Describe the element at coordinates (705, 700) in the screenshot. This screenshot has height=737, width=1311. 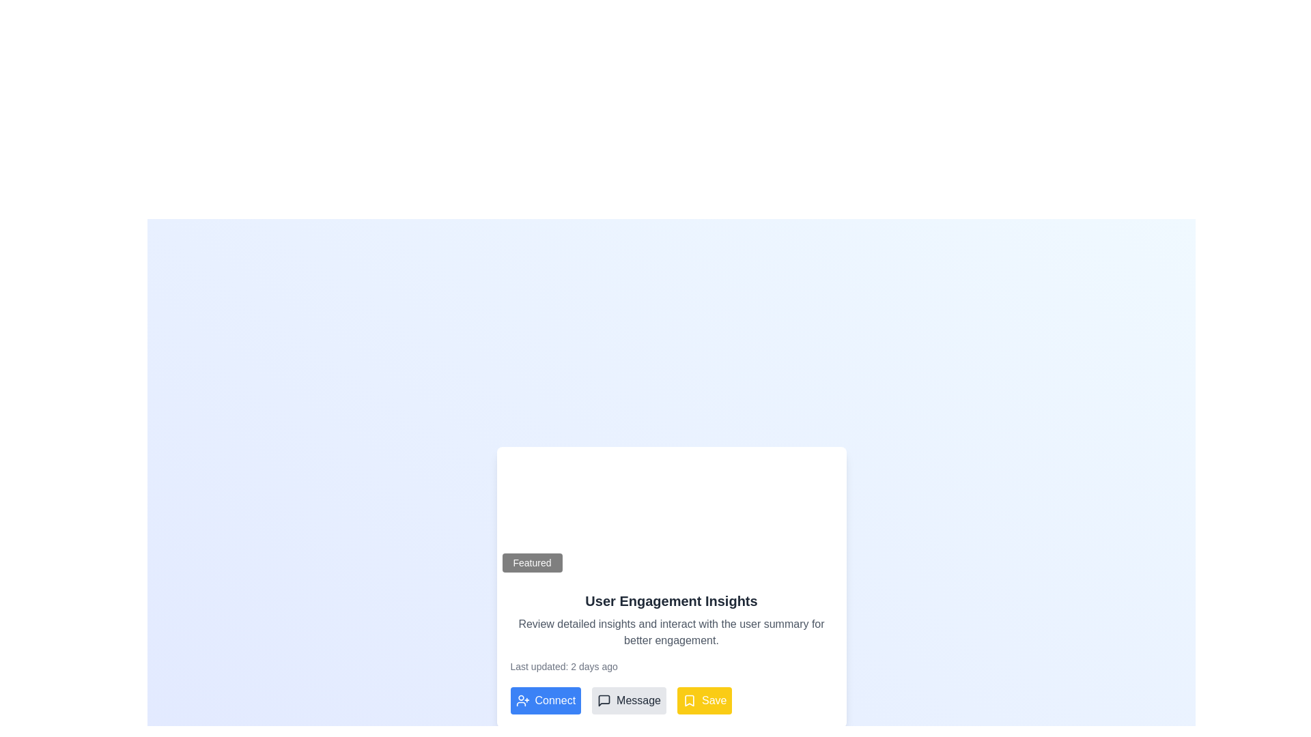
I see `the 'Save' button, which is the third button in a horizontal row at the bottom of the card layout` at that location.